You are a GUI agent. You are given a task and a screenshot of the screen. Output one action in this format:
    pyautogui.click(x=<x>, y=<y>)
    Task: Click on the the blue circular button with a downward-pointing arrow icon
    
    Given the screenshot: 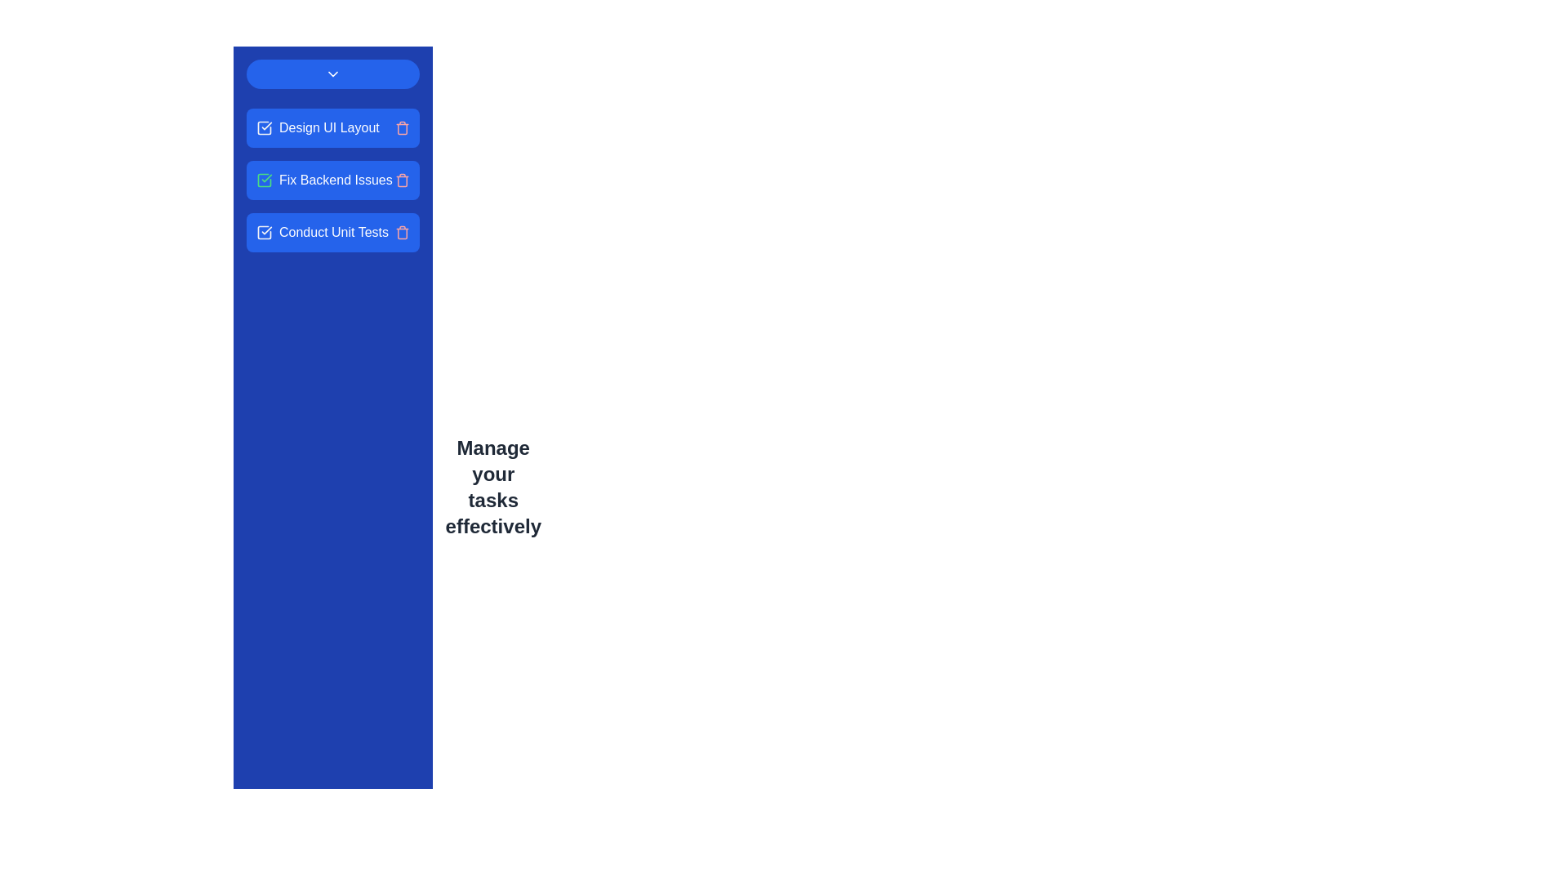 What is the action you would take?
    pyautogui.click(x=332, y=74)
    